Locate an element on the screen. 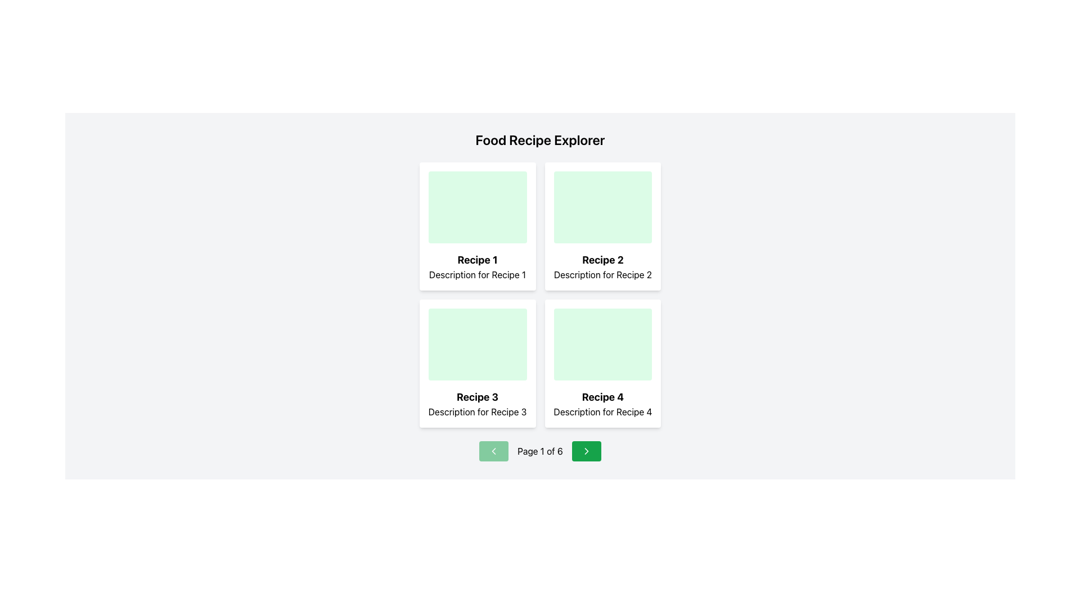  the green button with a rightward chevron icon located at the bottom-right corner of the 'Page 1 of 6' component is located at coordinates (586, 450).